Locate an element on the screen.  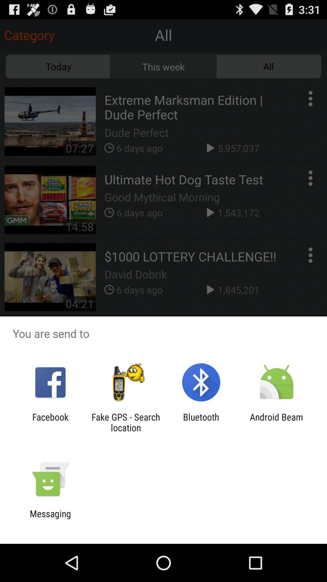
the app to the left of bluetooth icon is located at coordinates (125, 422).